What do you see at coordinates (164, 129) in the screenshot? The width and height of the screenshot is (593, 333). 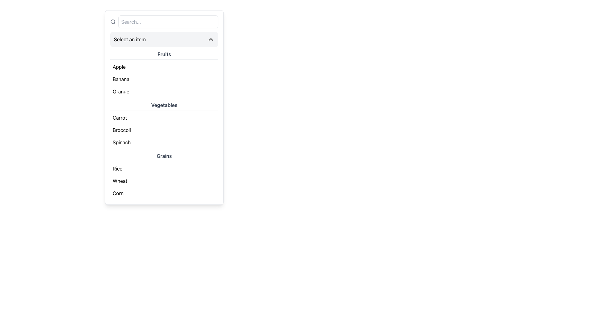 I see `text content of the vertically arranged list containing items 'Carrot,' 'Broccoli,' and 'Spinach' under the heading 'Vegetables' in the dropdown menu` at bounding box center [164, 129].